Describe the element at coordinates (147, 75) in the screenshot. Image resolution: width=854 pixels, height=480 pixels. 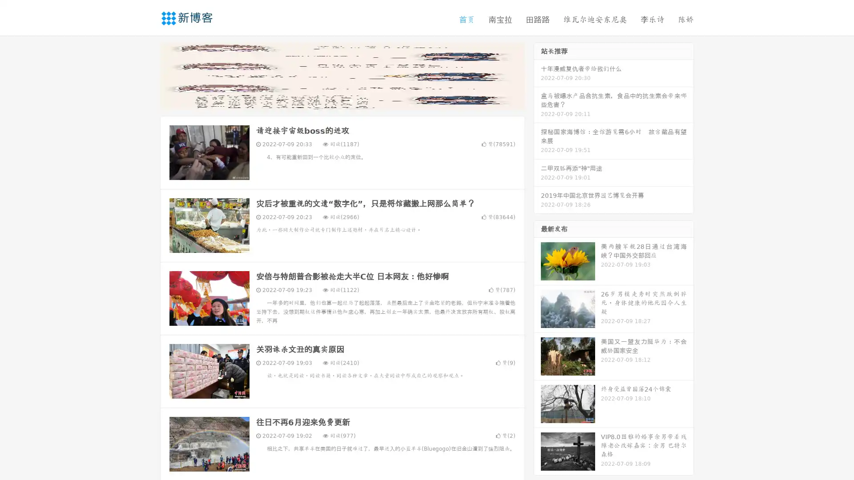
I see `Previous slide` at that location.